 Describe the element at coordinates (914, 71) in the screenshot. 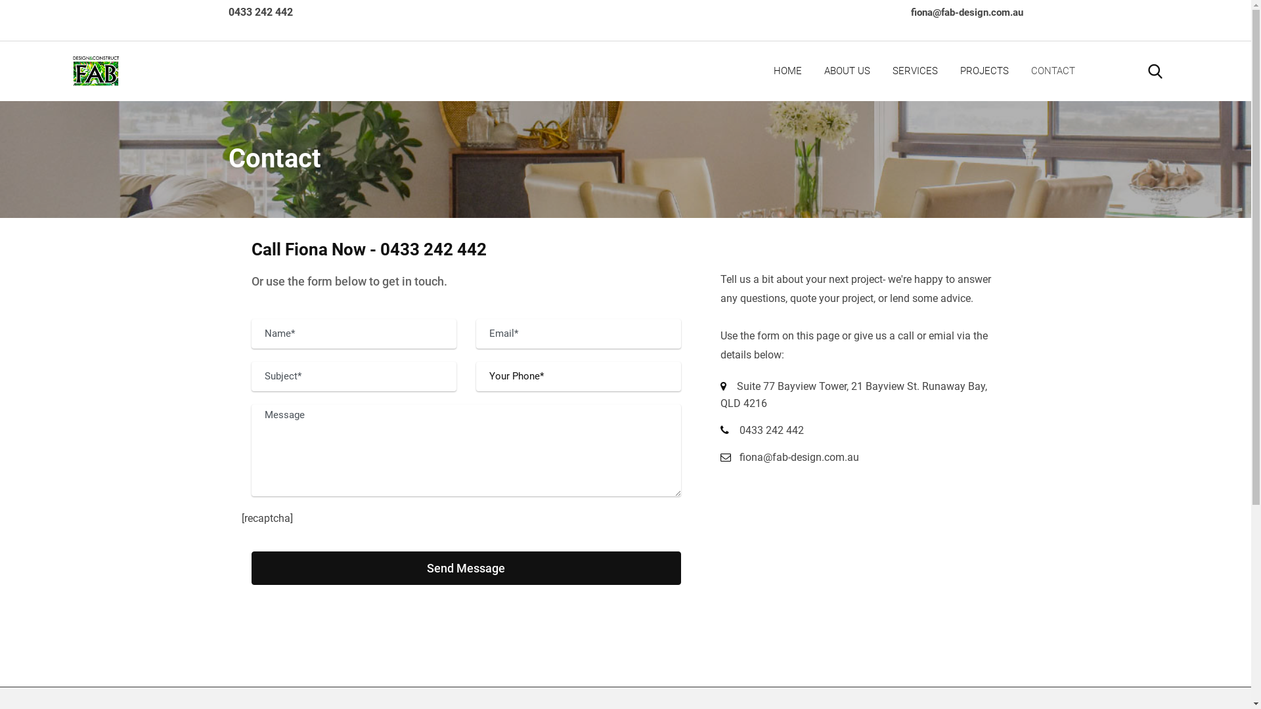

I see `'SERVICES'` at that location.